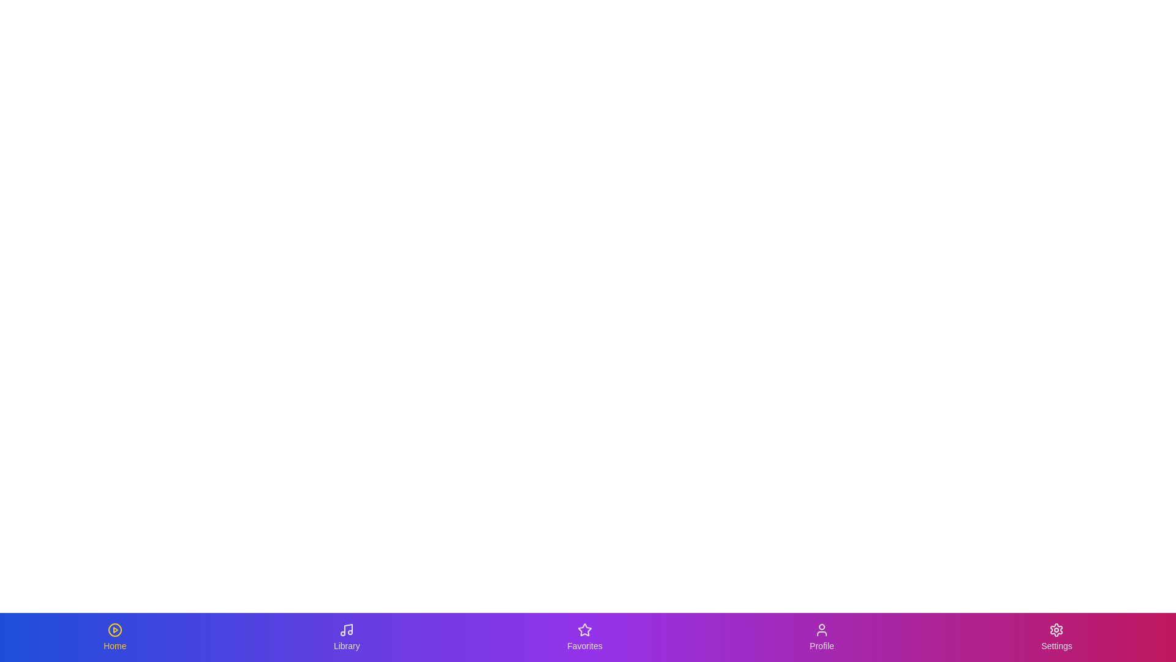 This screenshot has height=662, width=1176. Describe the element at coordinates (1056, 637) in the screenshot. I see `the Settings tab to switch to its view` at that location.